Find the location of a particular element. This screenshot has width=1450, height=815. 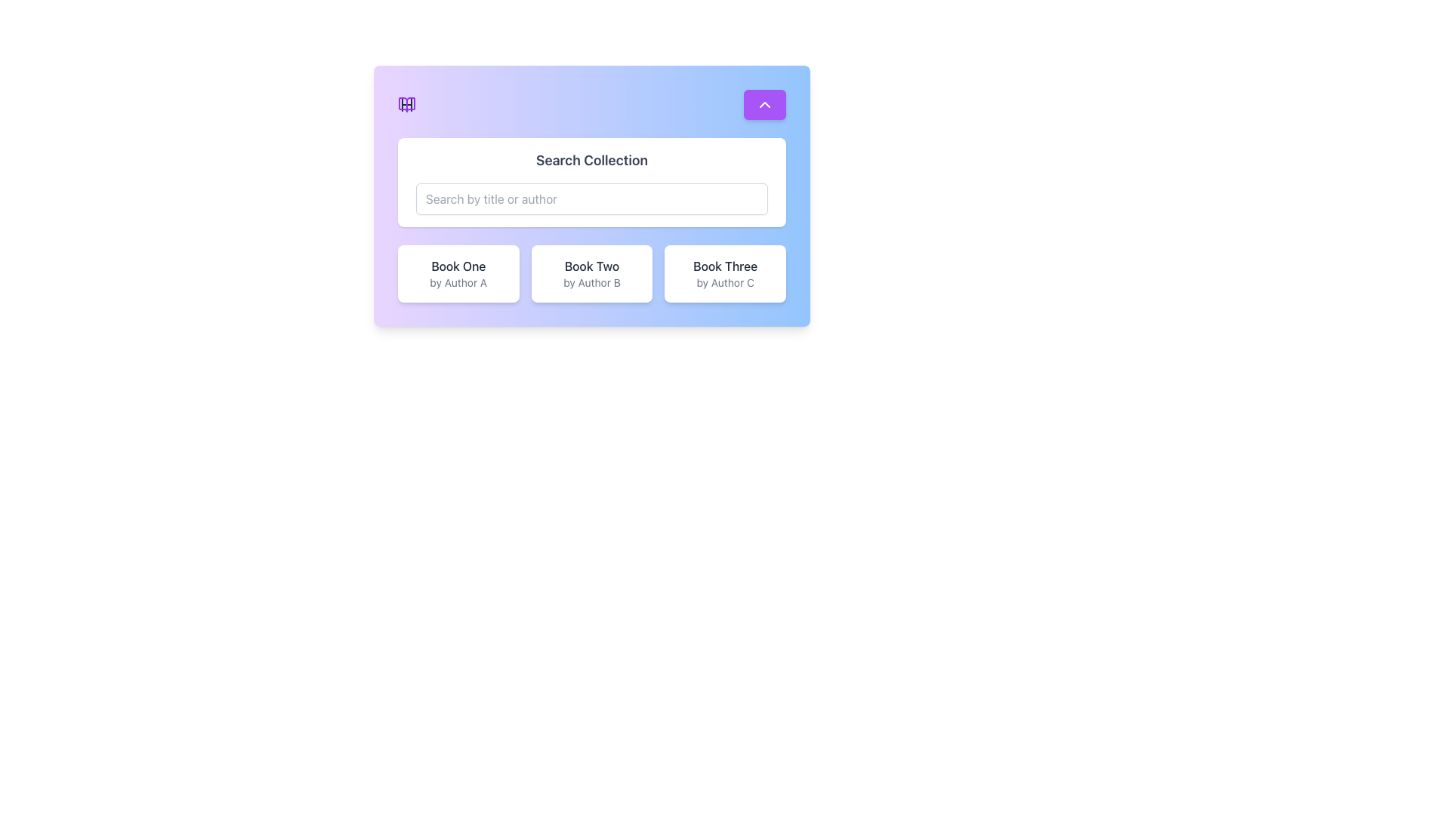

the card representing a book is located at coordinates (458, 273).